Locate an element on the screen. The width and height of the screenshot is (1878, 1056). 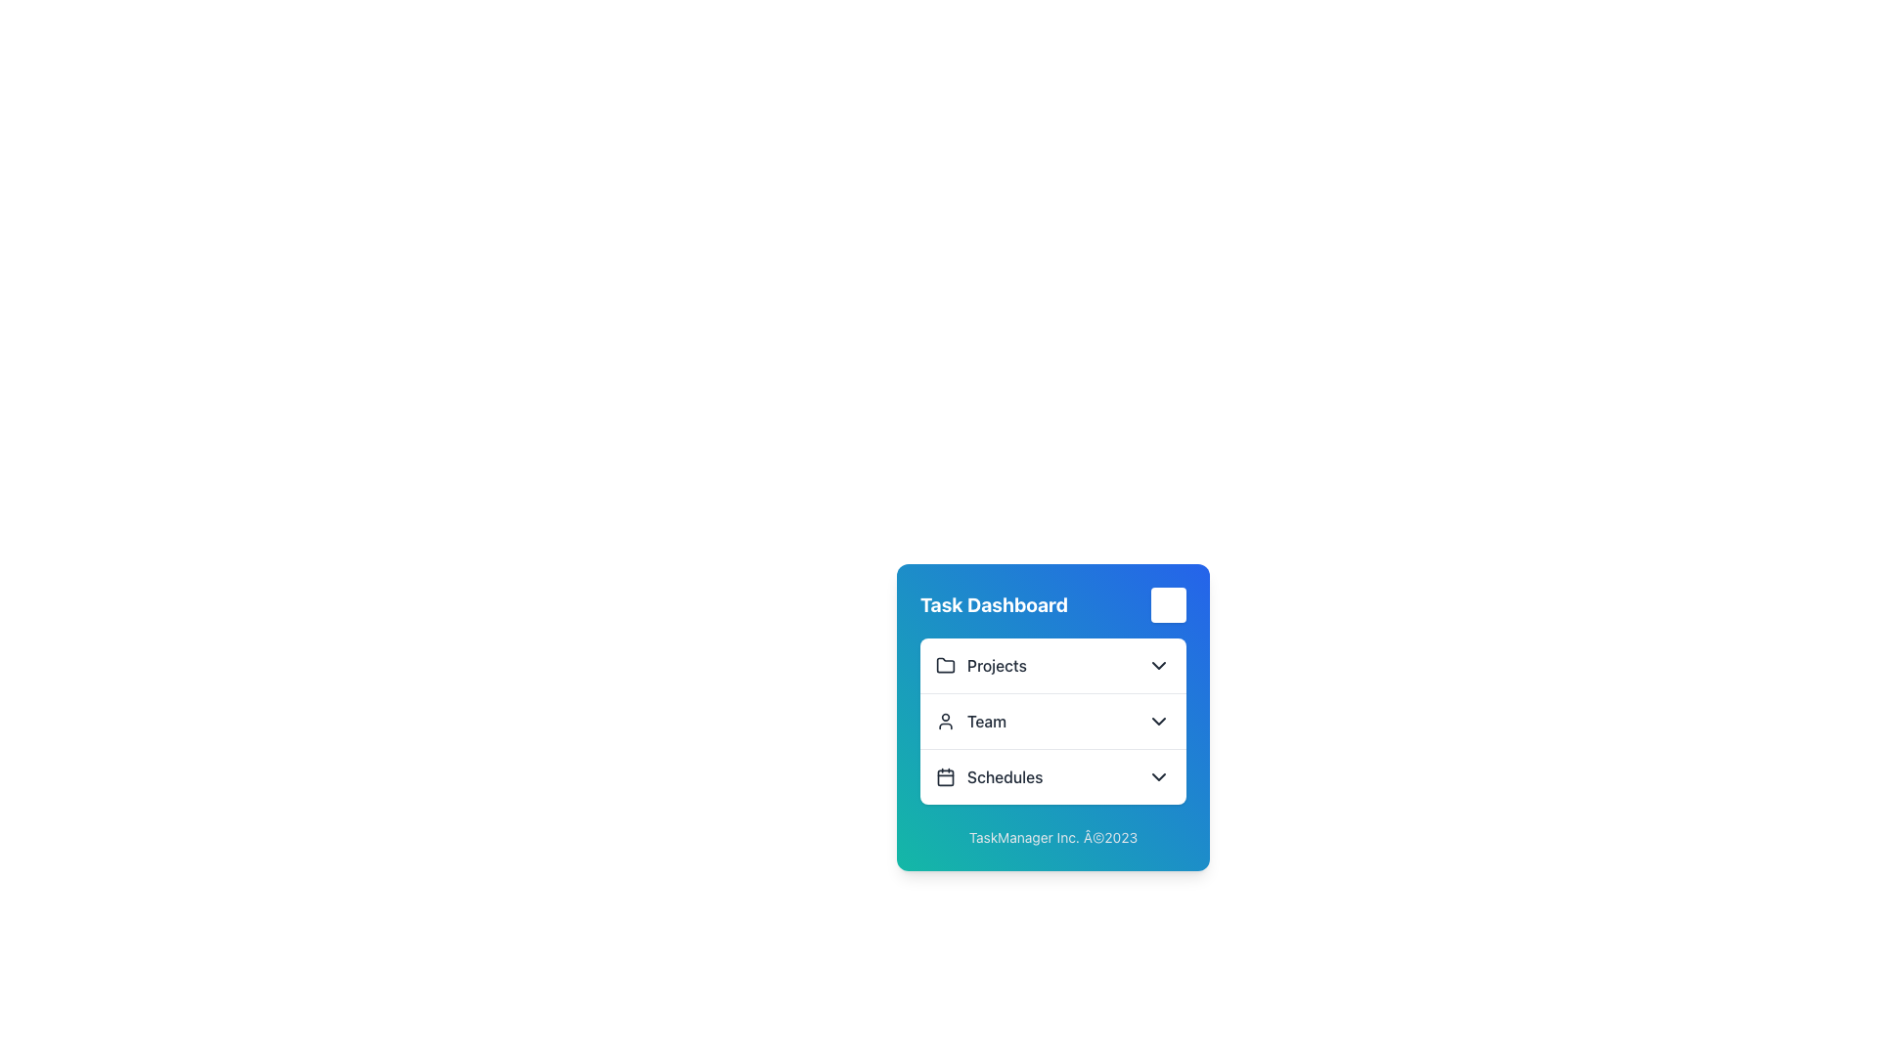
the 'Projects' icon located in the Task Dashboard interface, positioned to the left of the 'Projects' label is located at coordinates (945, 665).